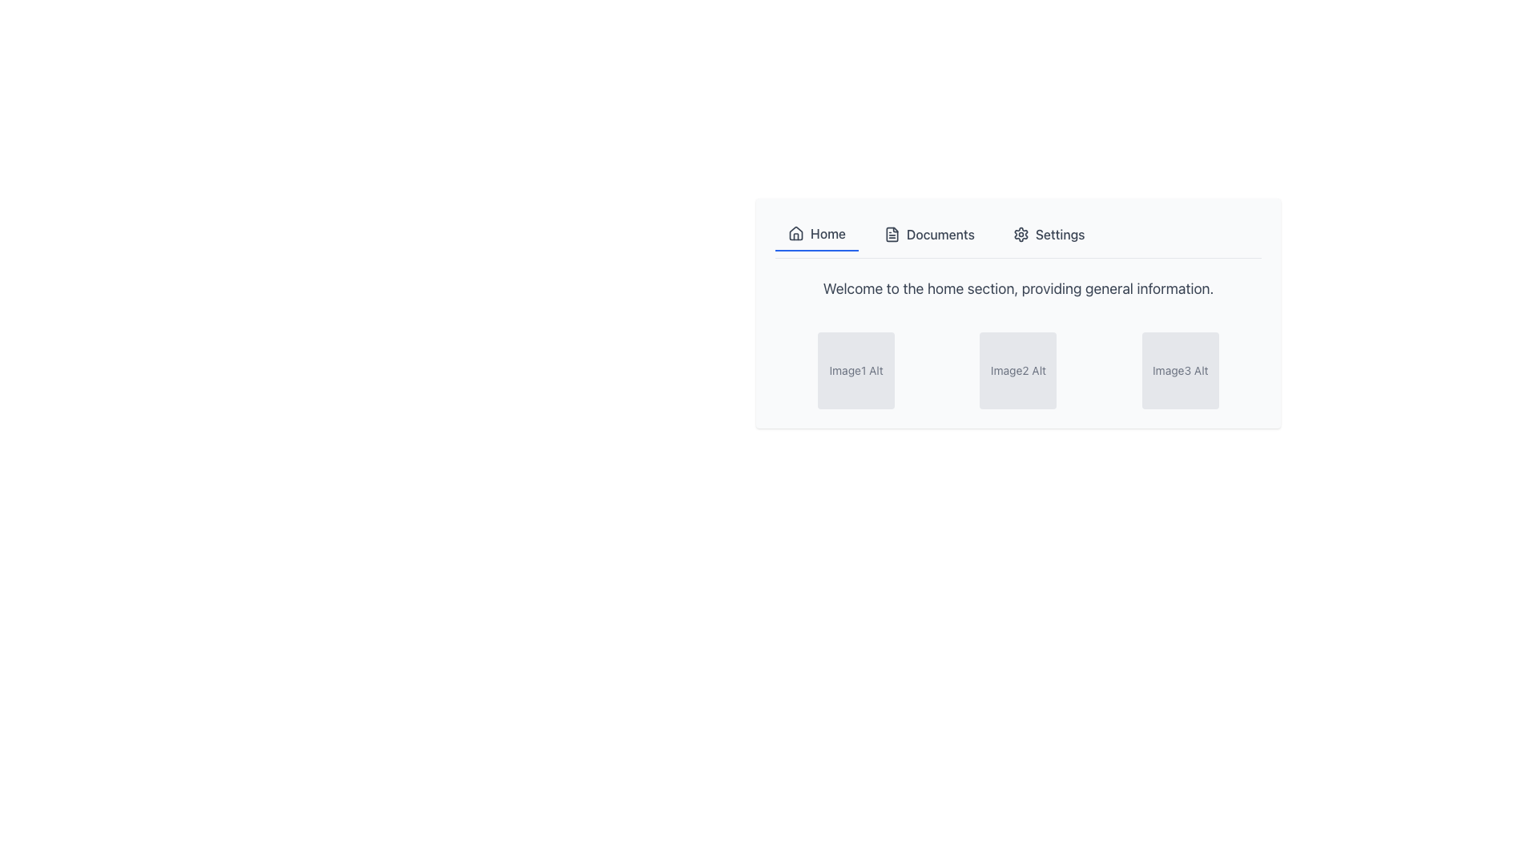  What do you see at coordinates (1020, 235) in the screenshot?
I see `the intricate gear-like icon representing settings in the top navigation bar next to the text 'Settings'` at bounding box center [1020, 235].